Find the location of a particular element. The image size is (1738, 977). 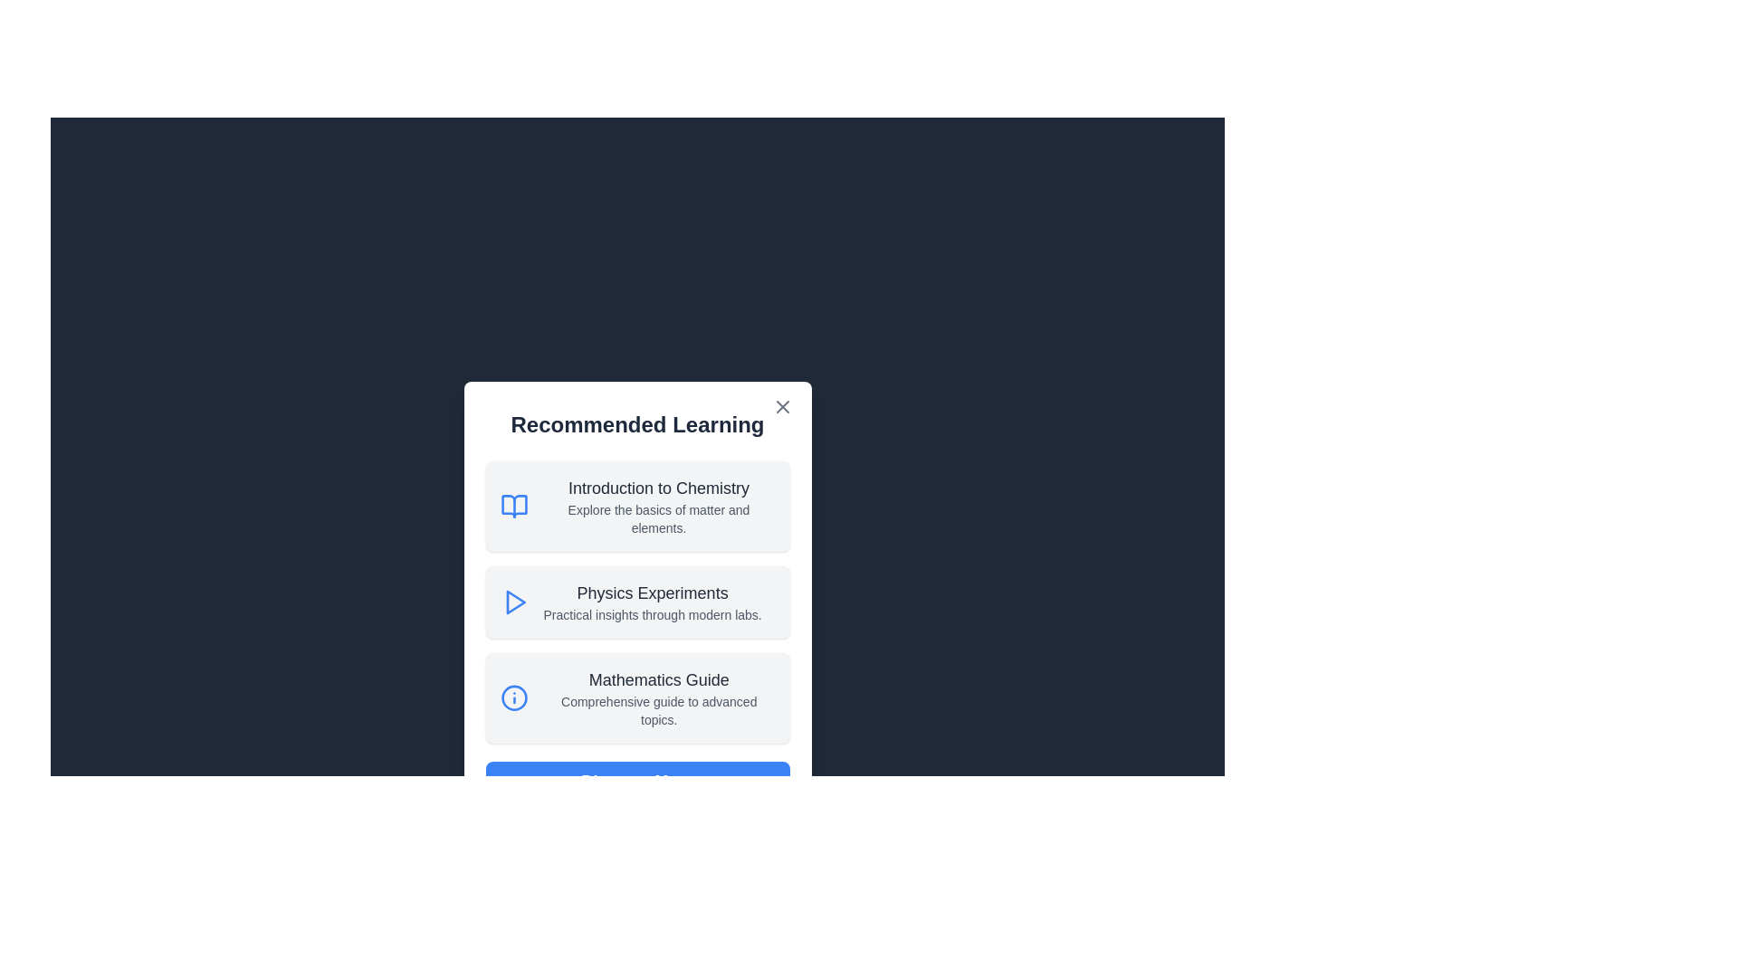

the text block styled in small, gray-colored font that contains the string 'Comprehensive guide to advanced topics.' located beneath the title 'Mathematics Guide' is located at coordinates (658, 710).